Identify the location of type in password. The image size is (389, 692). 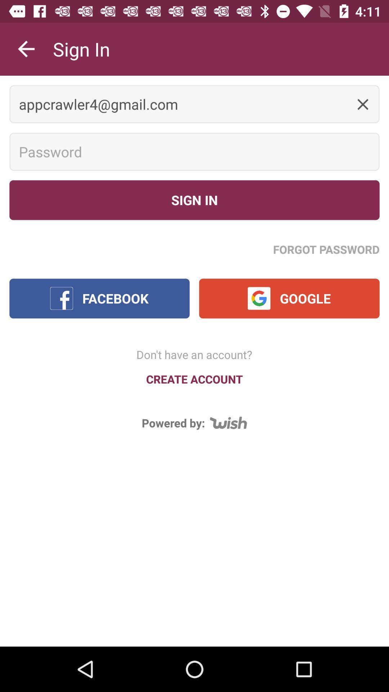
(194, 151).